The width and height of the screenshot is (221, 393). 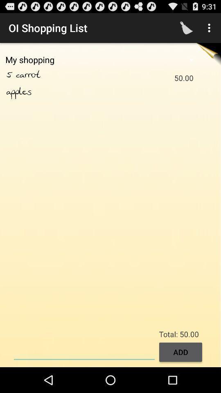 What do you see at coordinates (84, 351) in the screenshot?
I see `a blank field for typing anything into` at bounding box center [84, 351].